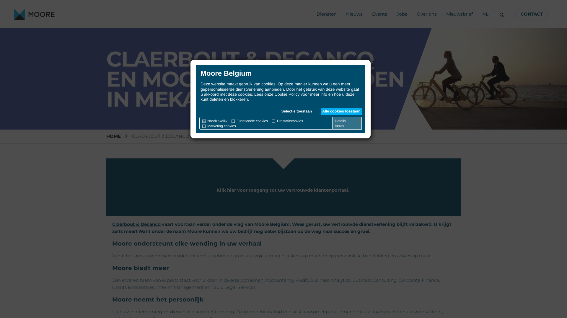 The image size is (567, 318). What do you see at coordinates (402, 14) in the screenshot?
I see `'Jobs'` at bounding box center [402, 14].